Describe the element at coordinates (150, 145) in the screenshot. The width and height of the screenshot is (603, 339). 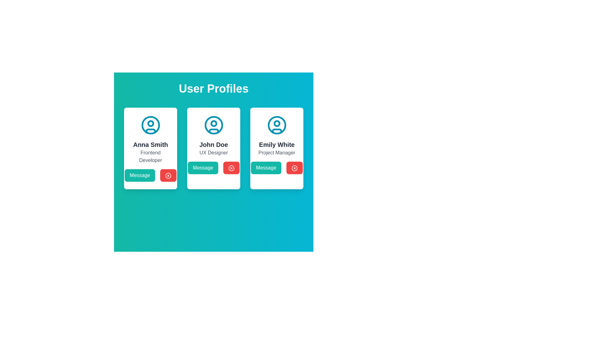
I see `the primary heading text label within the leftmost profile card, which displays the user's name and is located above the 'Frontend Developer' text` at that location.